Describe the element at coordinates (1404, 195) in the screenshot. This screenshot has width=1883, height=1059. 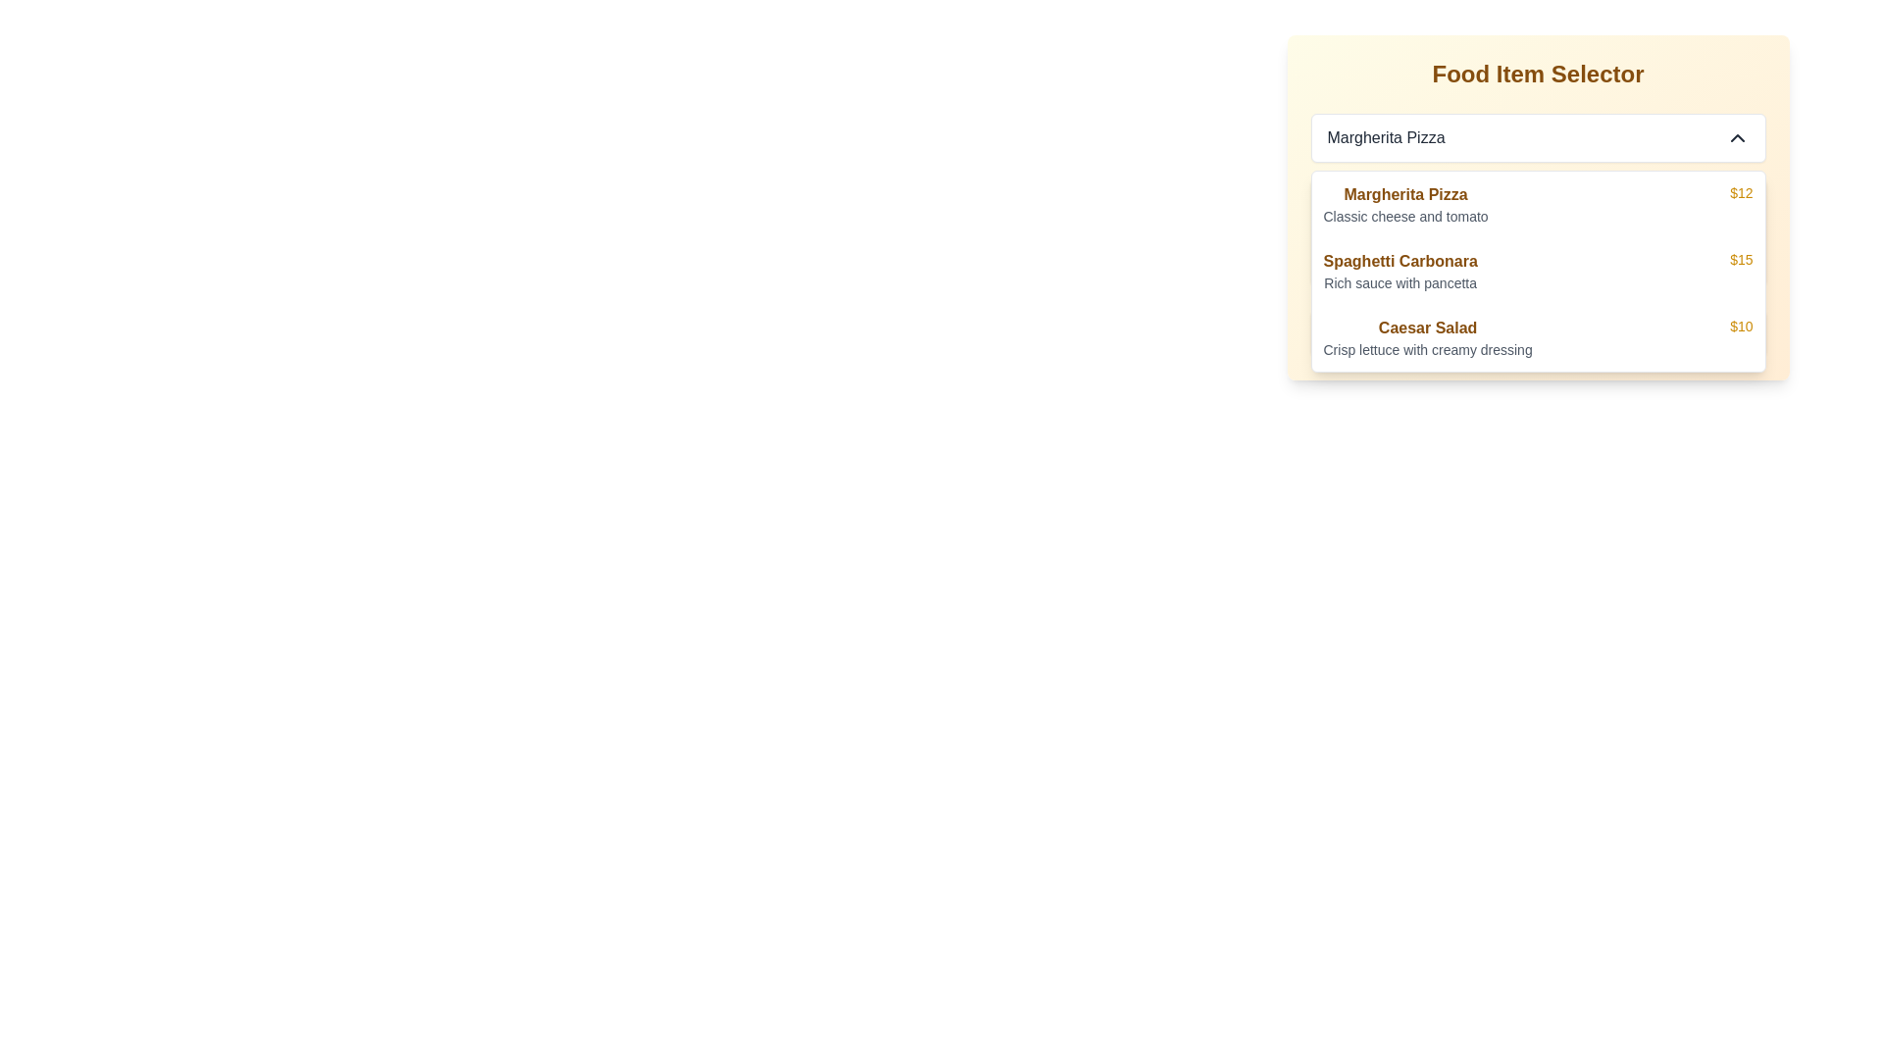
I see `the text label 'Margherita Pizza' which is styled in bold yellowish brown and serves as the header for the menu listing in the 'Food Item Selector' dropdown menu` at that location.